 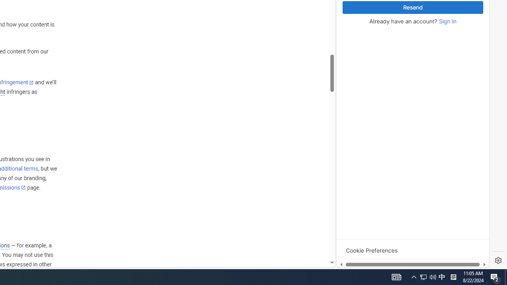 I want to click on 'Resend', so click(x=412, y=8).